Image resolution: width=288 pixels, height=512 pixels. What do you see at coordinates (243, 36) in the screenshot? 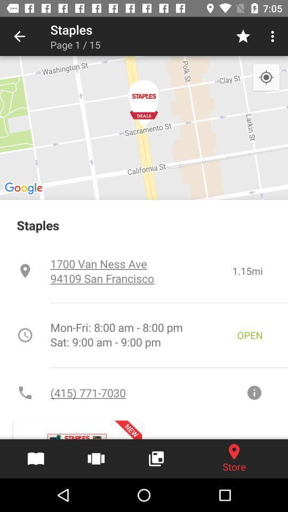
I see `the icon next to the page 1 / 15 icon` at bounding box center [243, 36].